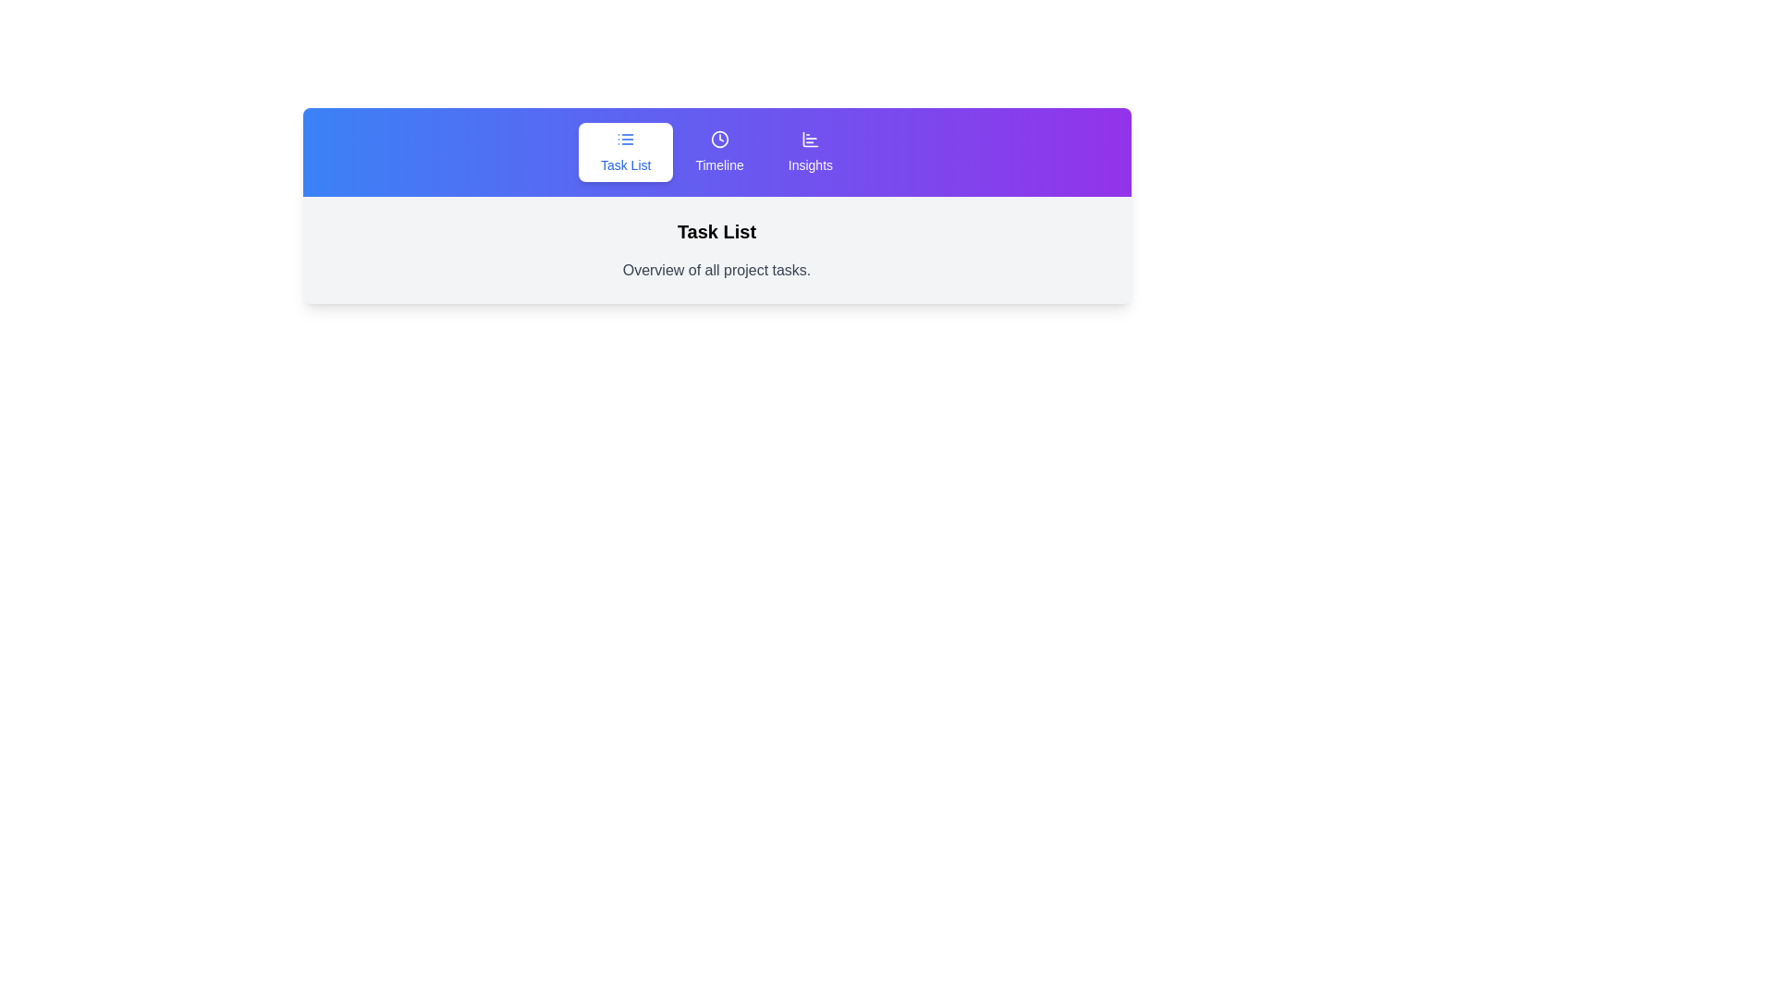 The width and height of the screenshot is (1775, 998). Describe the element at coordinates (718, 152) in the screenshot. I see `the Timeline tab` at that location.